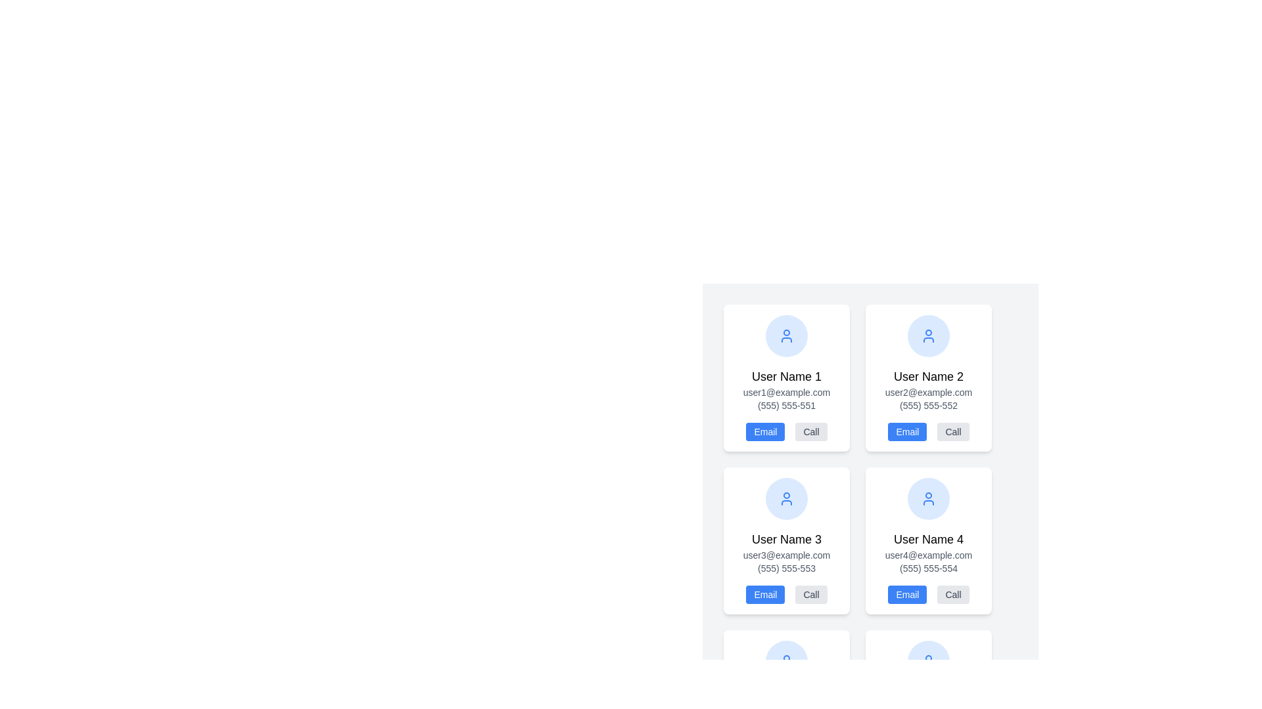  Describe the element at coordinates (765, 595) in the screenshot. I see `the email button located at the bottom left of the user card to initiate an email action related to the displayed user details` at that location.